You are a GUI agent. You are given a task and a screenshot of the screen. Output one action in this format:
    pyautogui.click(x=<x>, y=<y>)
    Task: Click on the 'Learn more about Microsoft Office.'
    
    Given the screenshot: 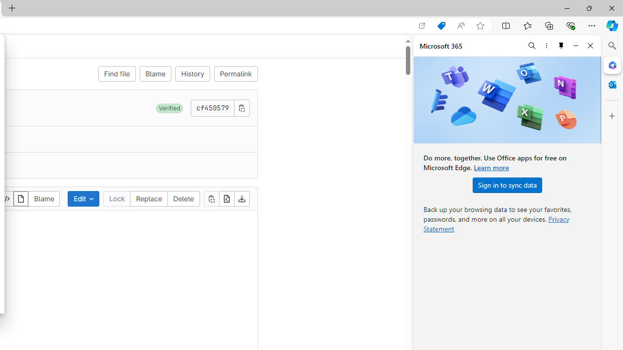 What is the action you would take?
    pyautogui.click(x=491, y=167)
    